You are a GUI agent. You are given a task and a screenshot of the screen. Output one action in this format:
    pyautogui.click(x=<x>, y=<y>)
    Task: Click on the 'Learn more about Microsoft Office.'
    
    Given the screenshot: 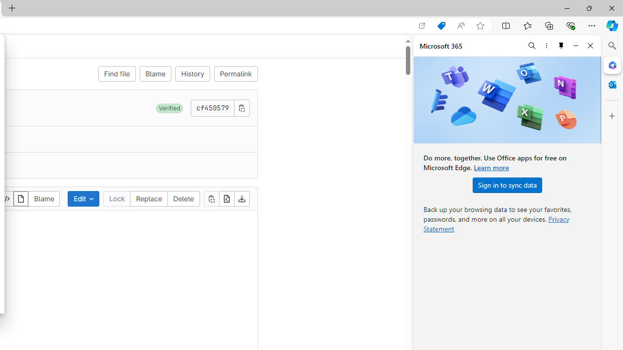 What is the action you would take?
    pyautogui.click(x=491, y=167)
    